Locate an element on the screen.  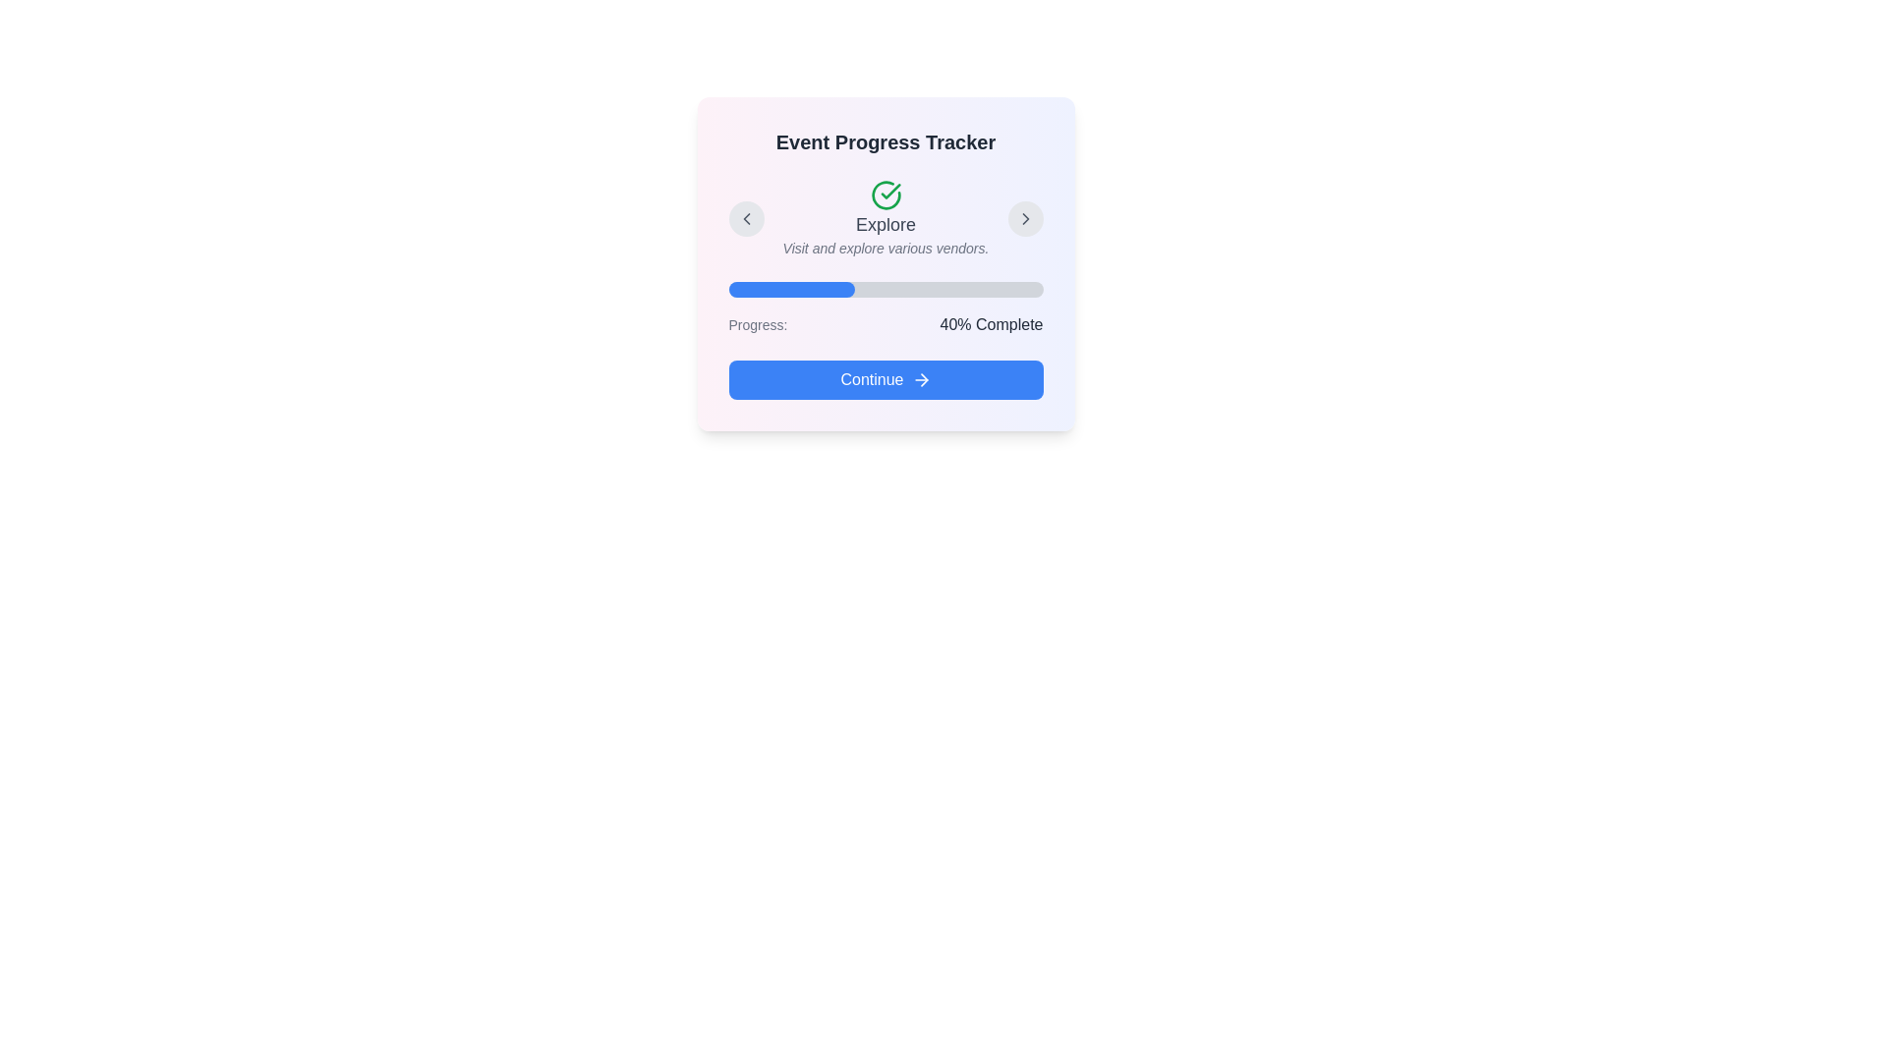
the Chevron-Right icon within the Interactive Button located in the top-right section of the 'Event Progress Tracker' card is located at coordinates (1024, 219).